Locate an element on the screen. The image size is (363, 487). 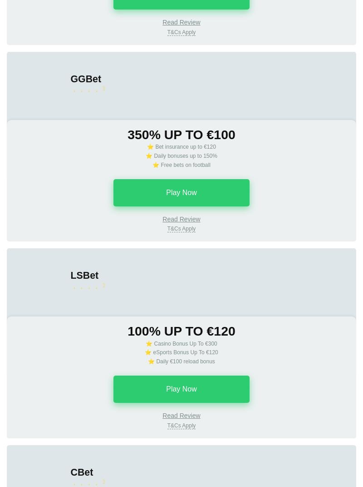
'Must wager deposit + bonus x 5. Must bet on wager offering 2.1 in odds and higher. Multiple bets on the same event are not allowed. Maximum bet amount £200. T&Cs Apply.' is located at coordinates (181, 64).